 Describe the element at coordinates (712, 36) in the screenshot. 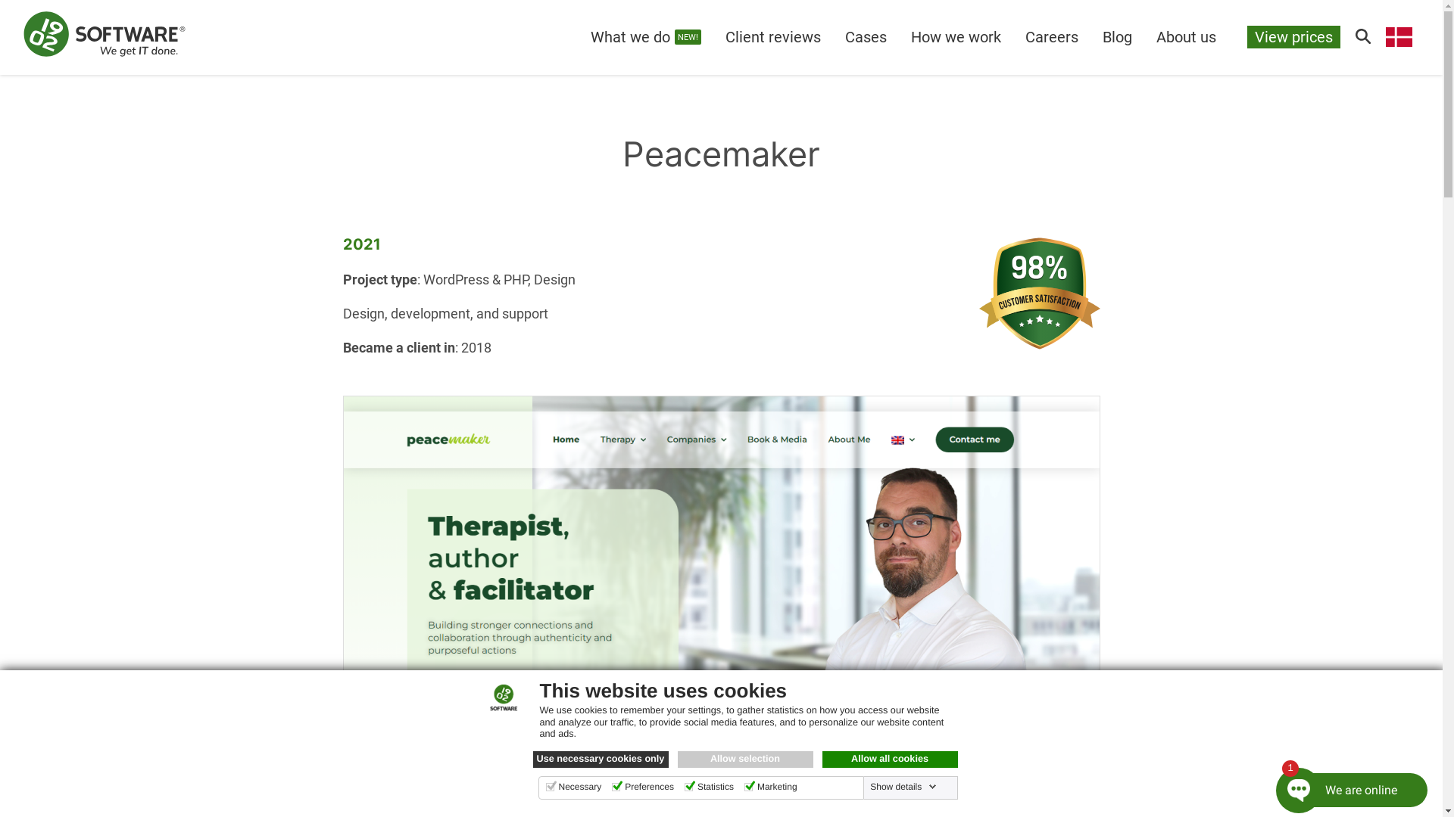

I see `'Client reviews'` at that location.